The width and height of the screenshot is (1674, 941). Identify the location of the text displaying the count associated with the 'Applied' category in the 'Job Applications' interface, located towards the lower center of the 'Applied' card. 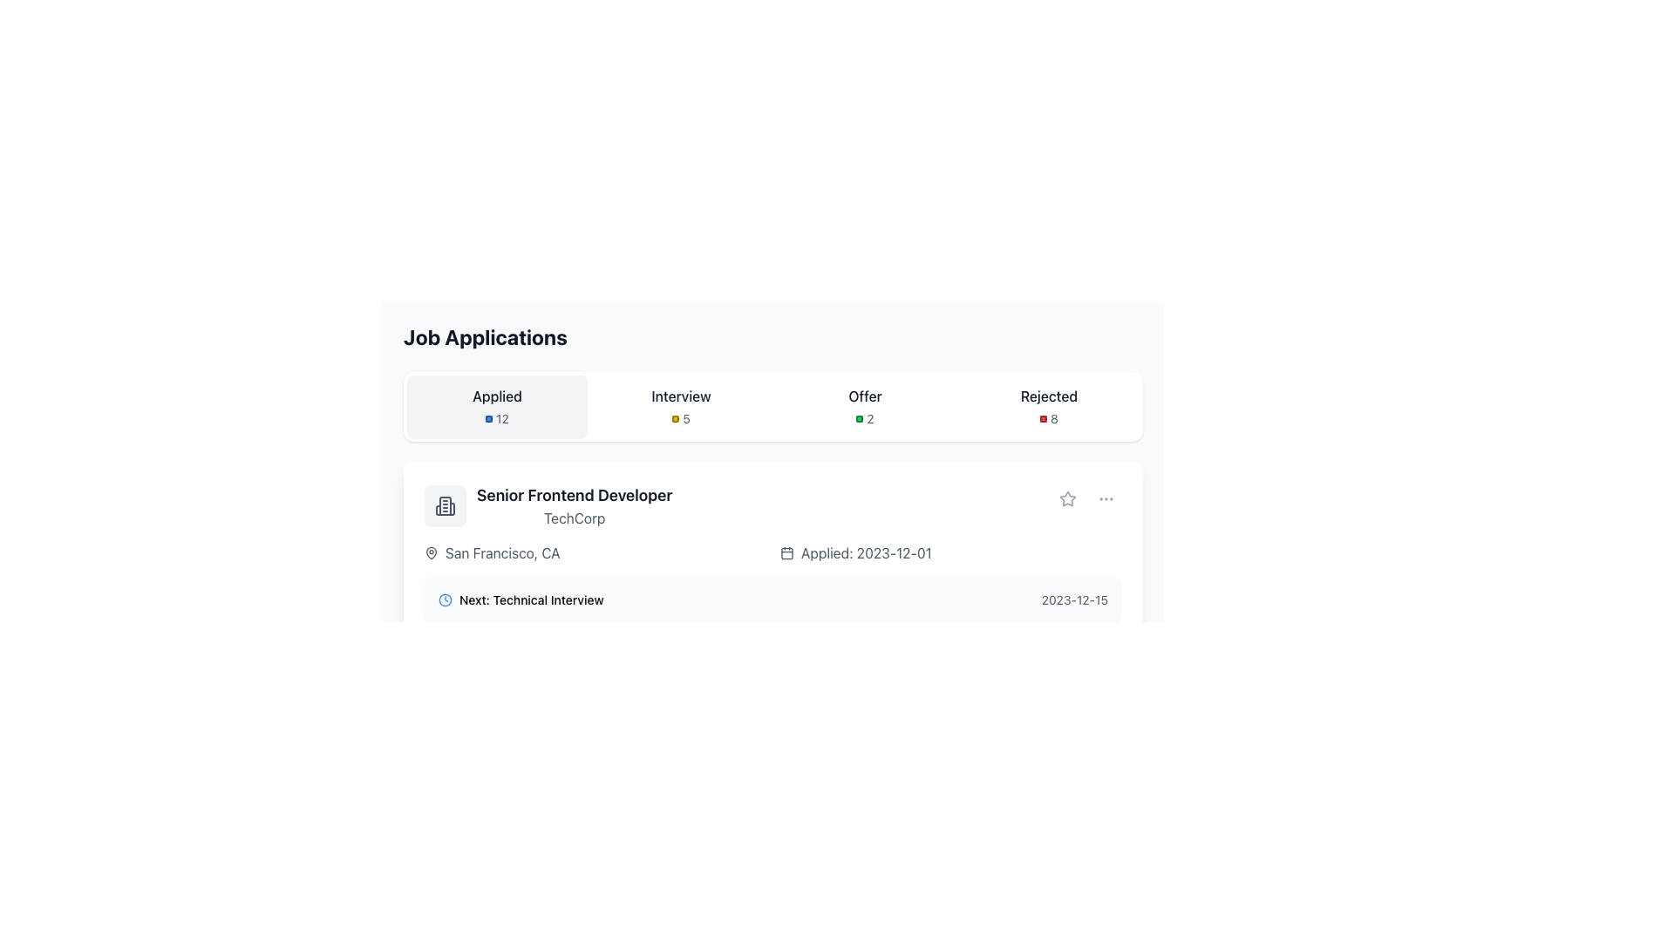
(496, 419).